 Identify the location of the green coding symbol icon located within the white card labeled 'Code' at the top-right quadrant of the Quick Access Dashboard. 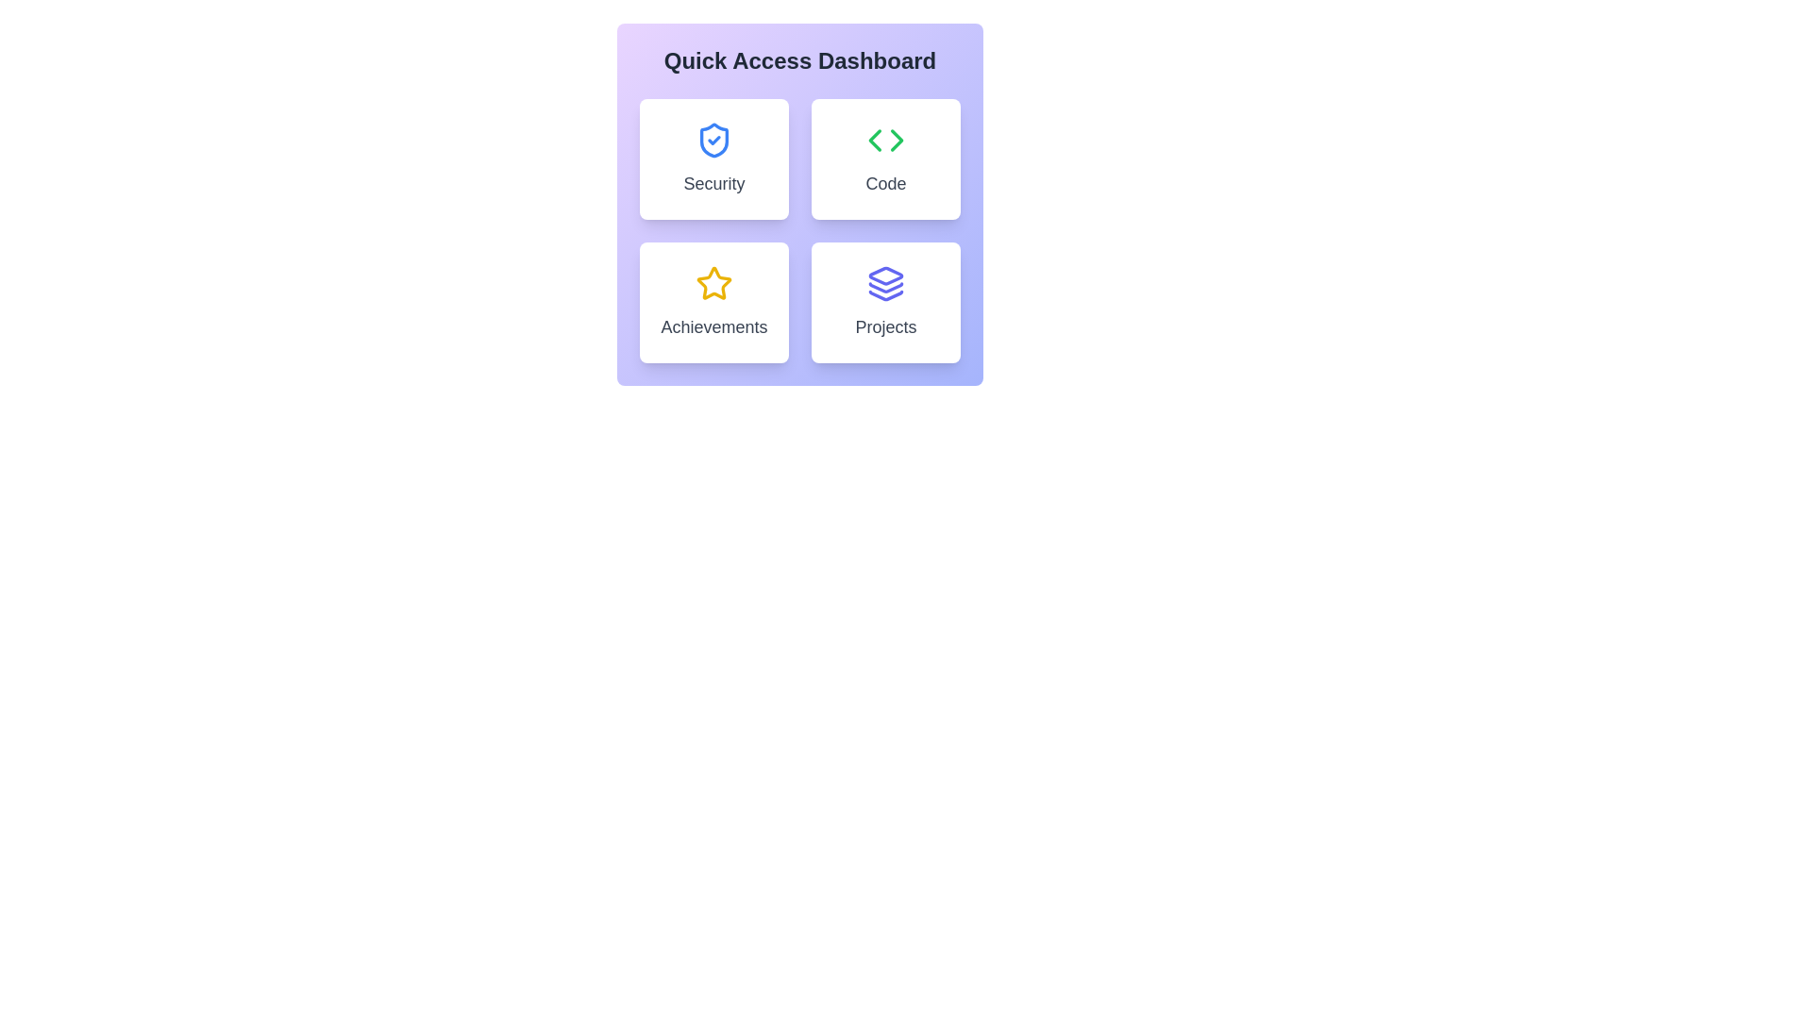
(885, 140).